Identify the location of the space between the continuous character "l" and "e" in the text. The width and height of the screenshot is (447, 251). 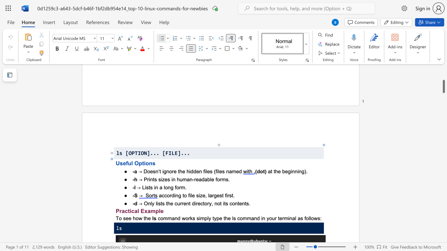
(160, 211).